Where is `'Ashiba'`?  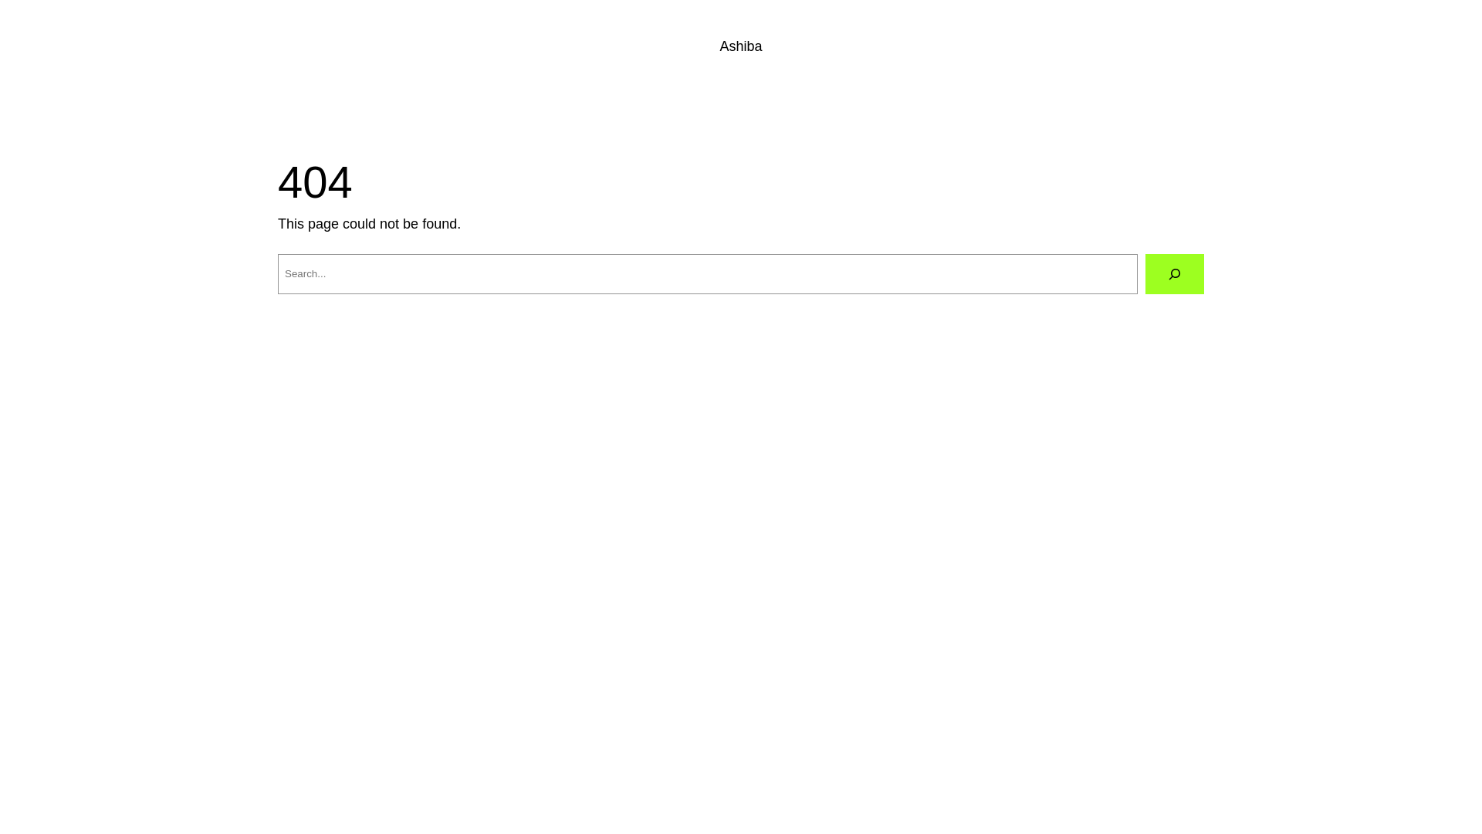 'Ashiba' is located at coordinates (739, 46).